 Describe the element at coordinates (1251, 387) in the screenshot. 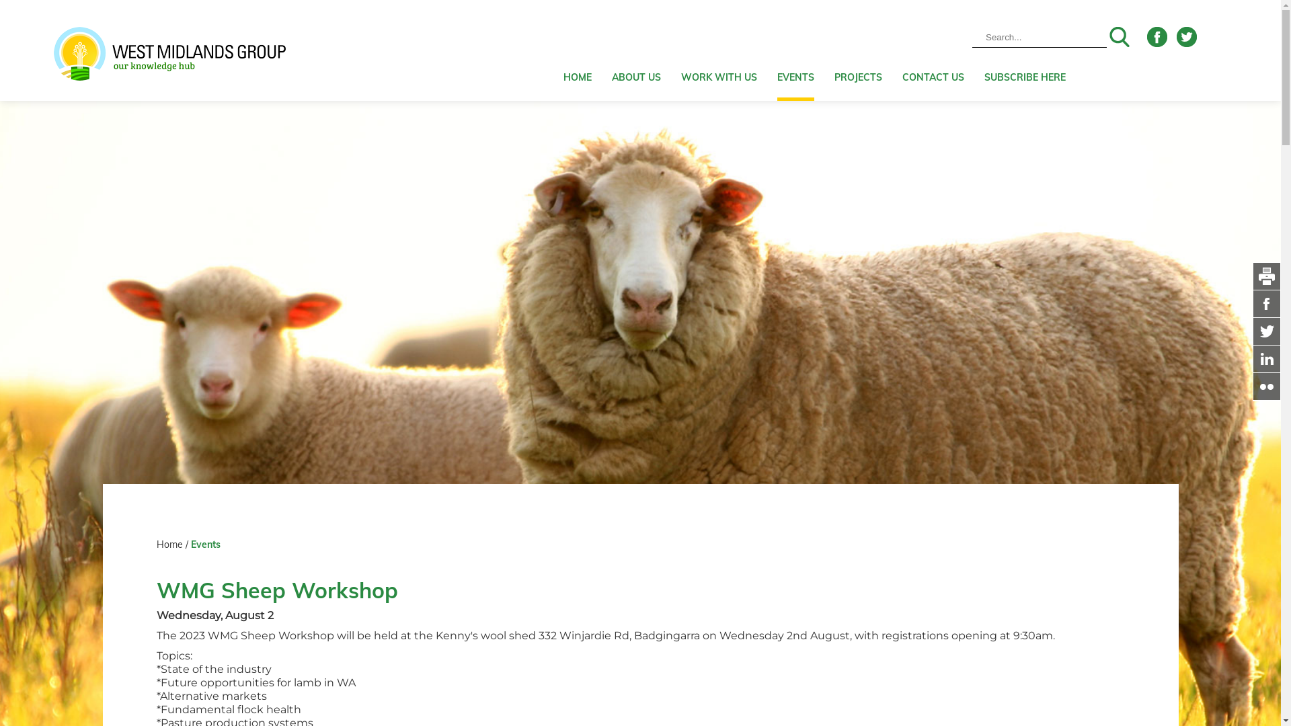

I see `' '` at that location.